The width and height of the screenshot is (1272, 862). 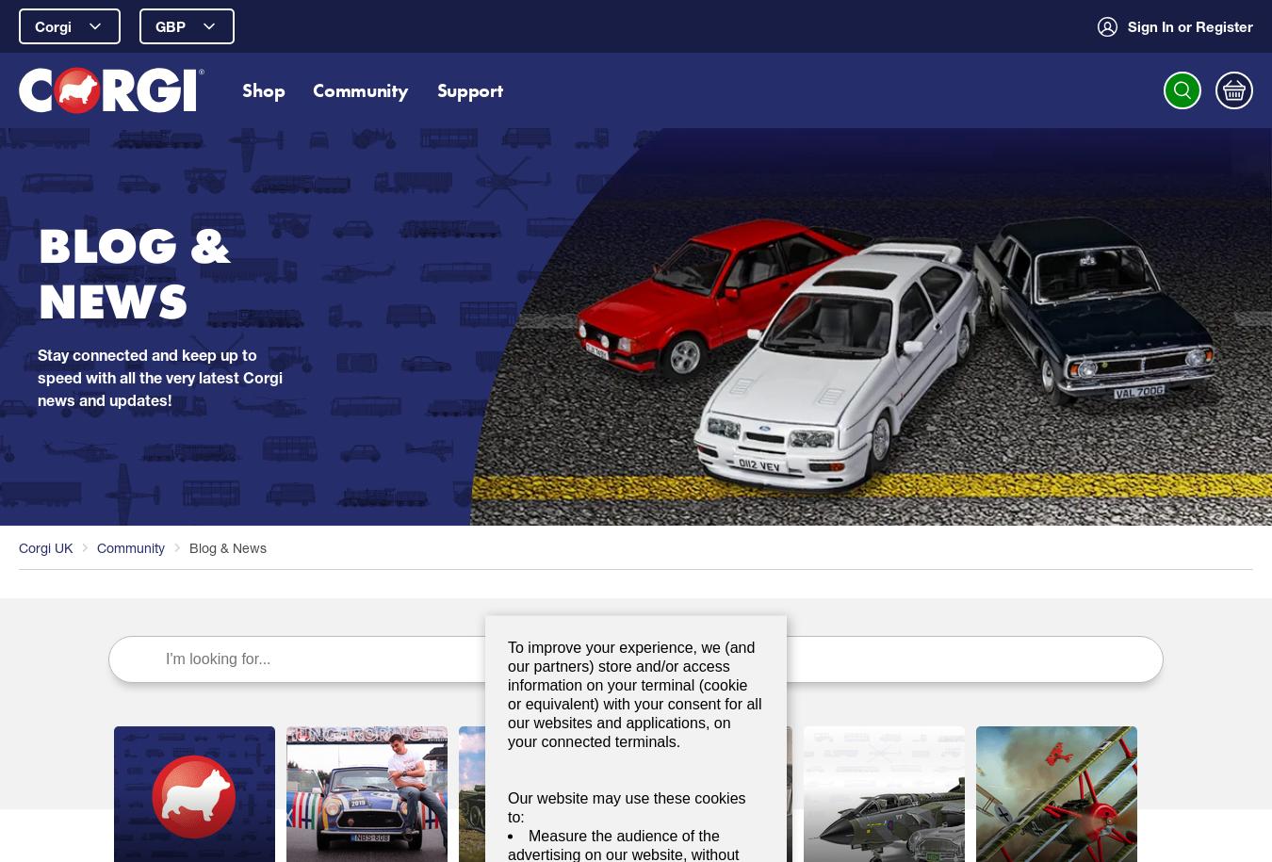 I want to click on 'Corgi UK', so click(x=44, y=545).